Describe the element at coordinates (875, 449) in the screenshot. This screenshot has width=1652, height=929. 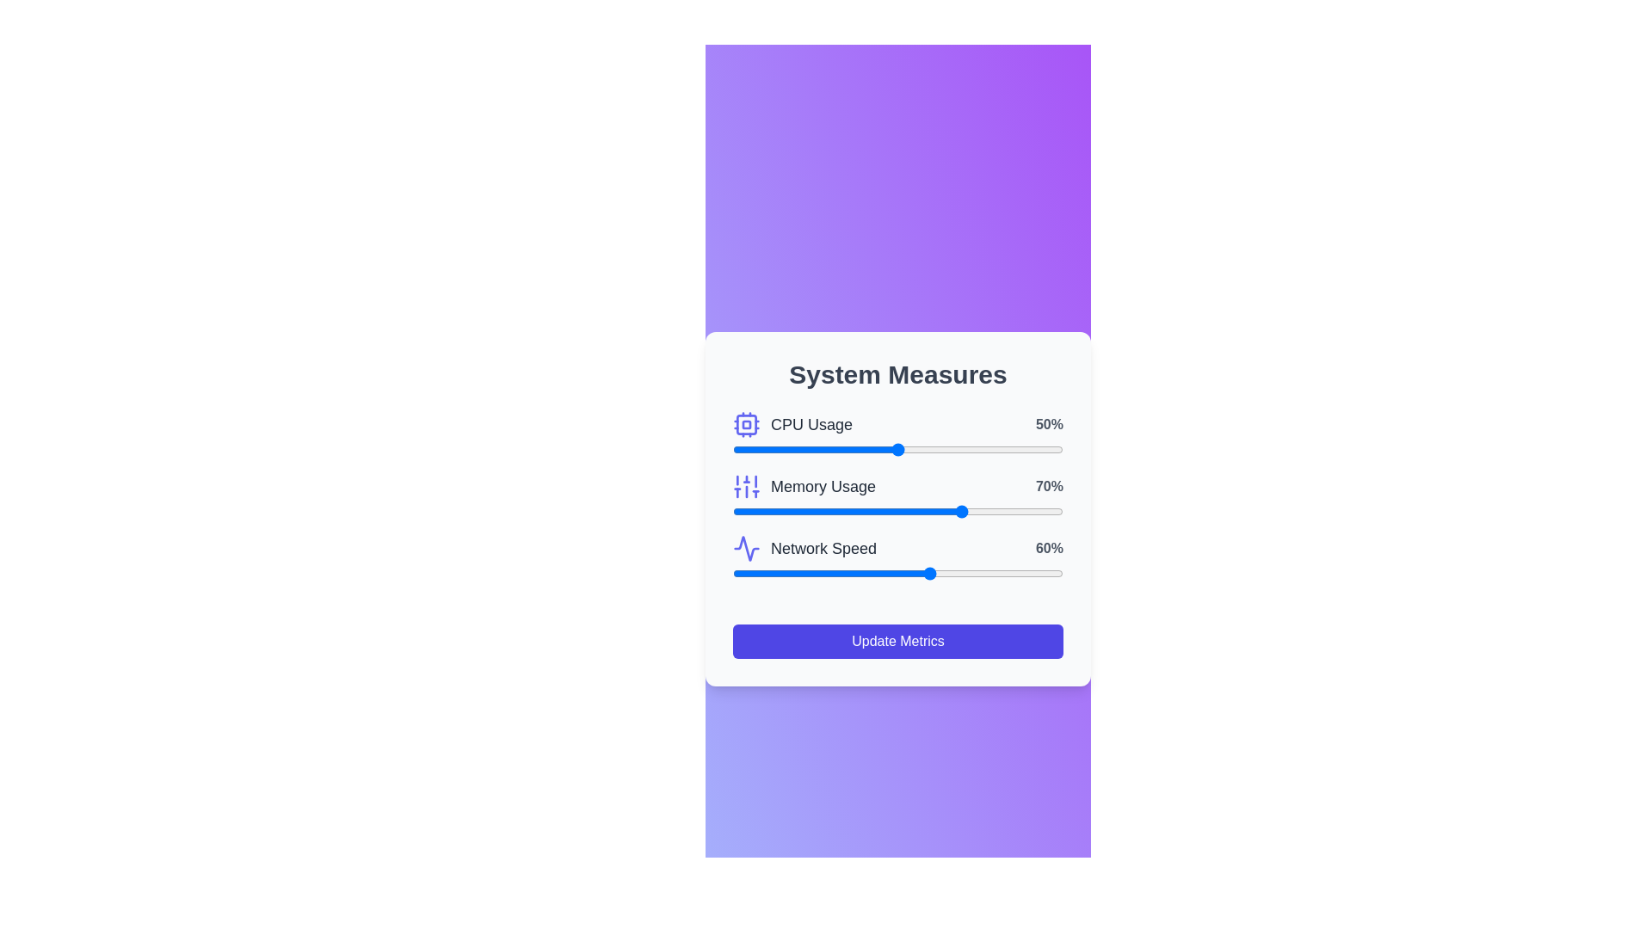
I see `the CPU Usage slider to set the usage to 43%` at that location.